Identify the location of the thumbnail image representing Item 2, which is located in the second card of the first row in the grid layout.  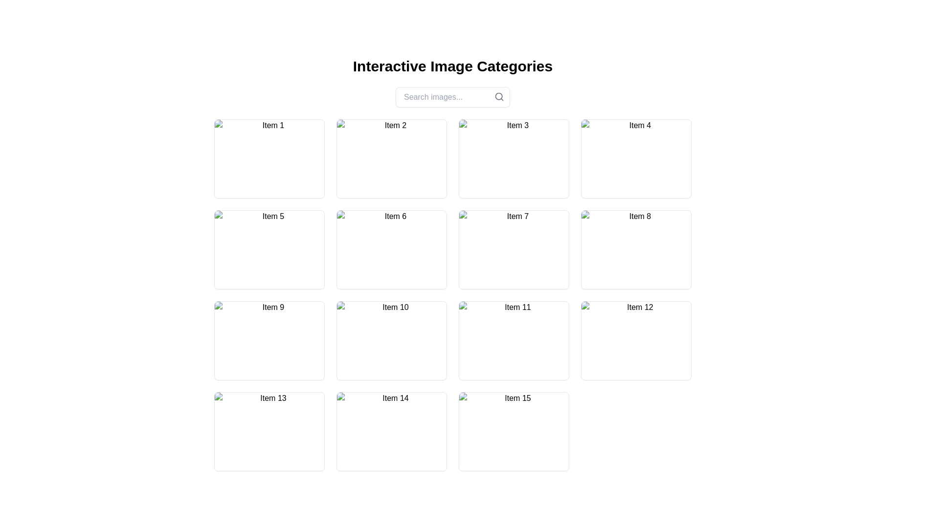
(392, 158).